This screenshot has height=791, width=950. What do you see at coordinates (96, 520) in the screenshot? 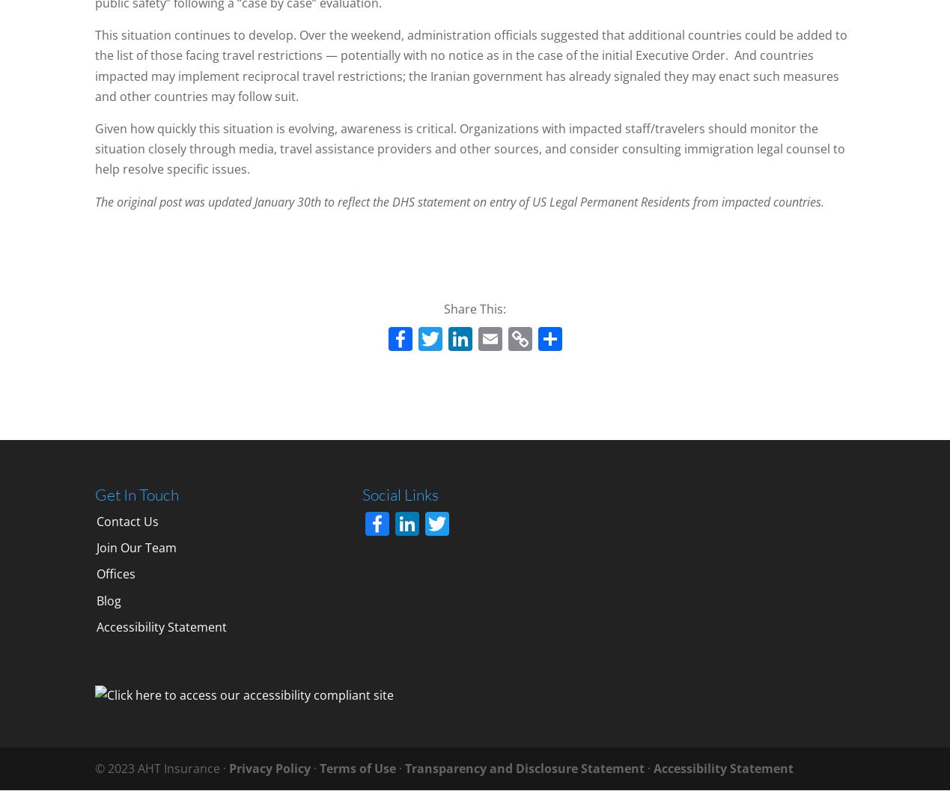
I see `'Contact Us'` at bounding box center [96, 520].